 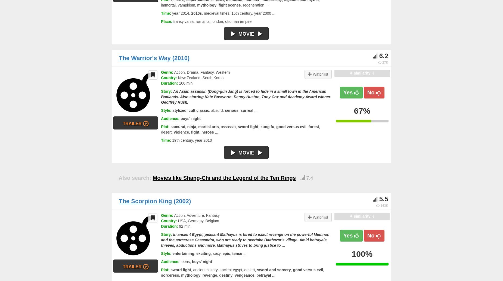 I want to click on 'Movies like Shang-Chi and the Legend of the Ten Rings', so click(x=224, y=177).